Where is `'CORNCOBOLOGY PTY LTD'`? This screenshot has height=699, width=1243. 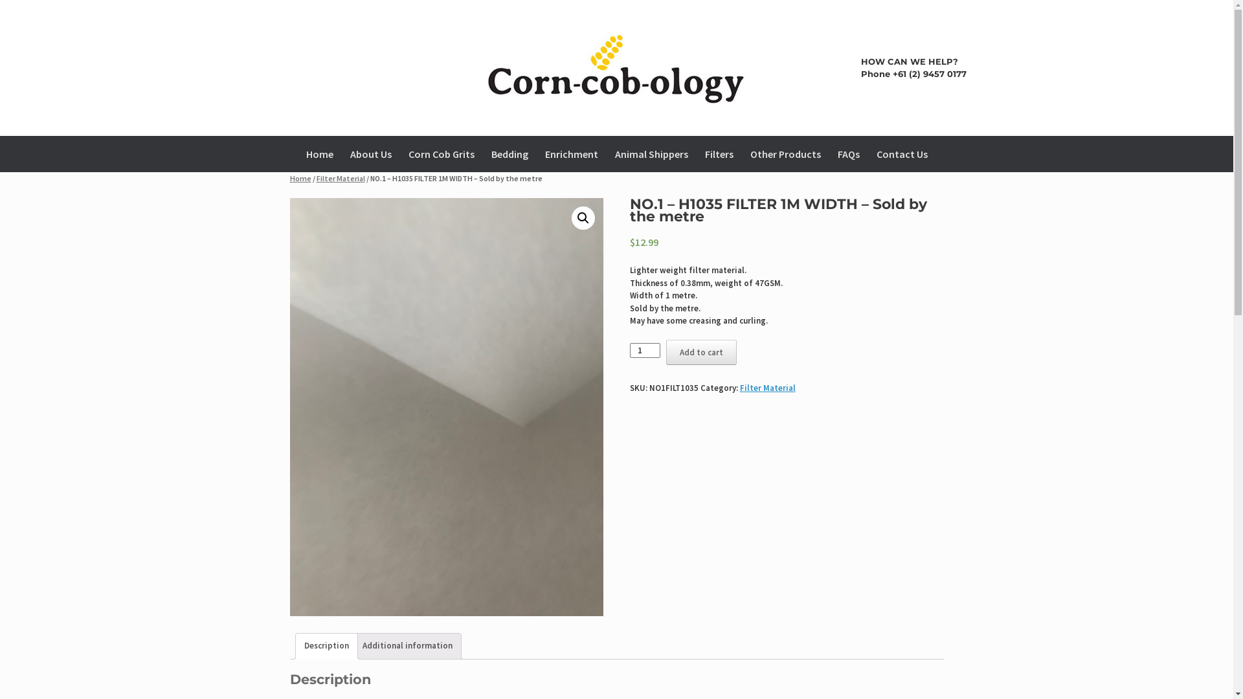 'CORNCOBOLOGY PTY LTD' is located at coordinates (266, 67).